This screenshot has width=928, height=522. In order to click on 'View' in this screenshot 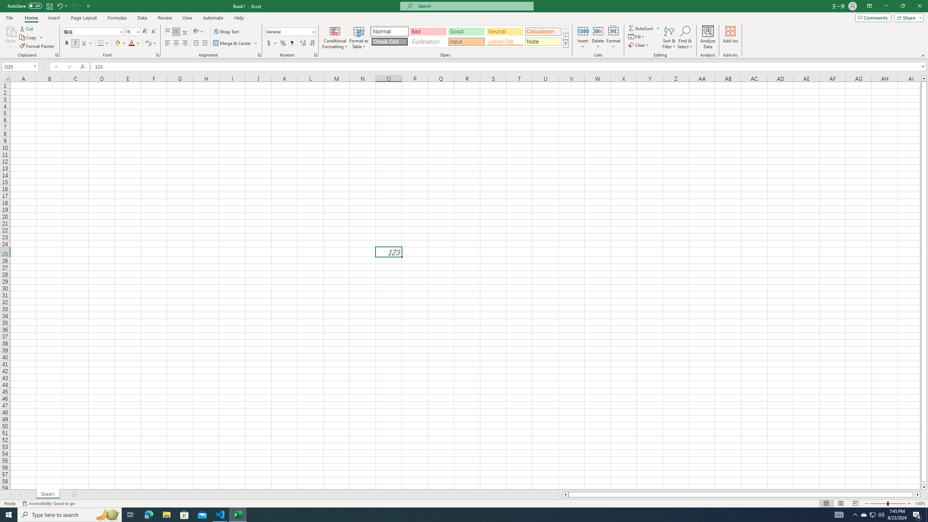, I will do `click(186, 18)`.